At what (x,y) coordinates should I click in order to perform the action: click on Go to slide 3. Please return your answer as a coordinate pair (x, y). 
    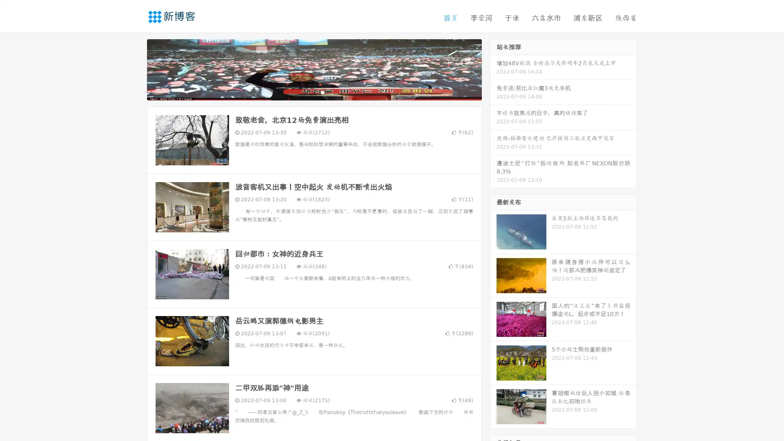
    Looking at the image, I should click on (322, 92).